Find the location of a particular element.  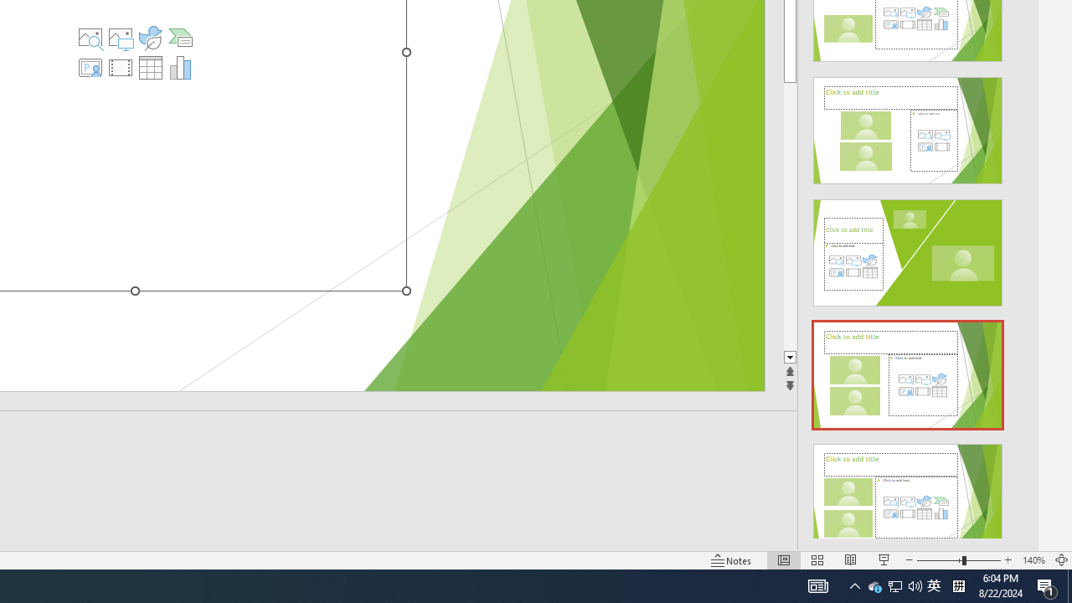

'Stock Images' is located at coordinates (90, 38).